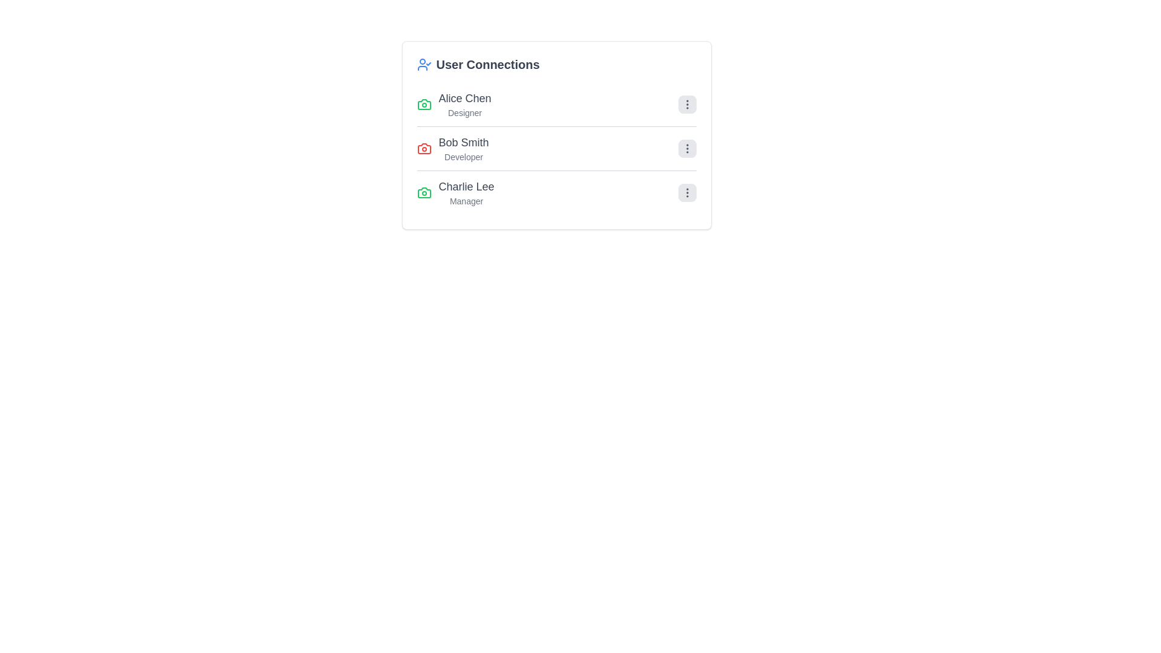 This screenshot has height=653, width=1161. I want to click on the text label displaying 'Bob Smith' which is the primary text in the 'User Connections' panel, positioned above the subtitle 'Developer', so click(463, 141).